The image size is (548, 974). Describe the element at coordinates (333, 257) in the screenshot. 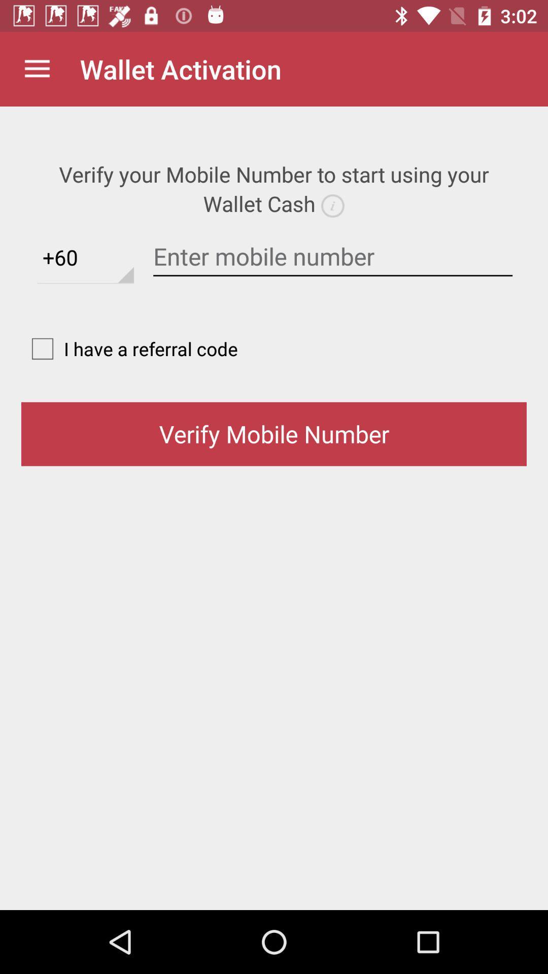

I see `phone number` at that location.